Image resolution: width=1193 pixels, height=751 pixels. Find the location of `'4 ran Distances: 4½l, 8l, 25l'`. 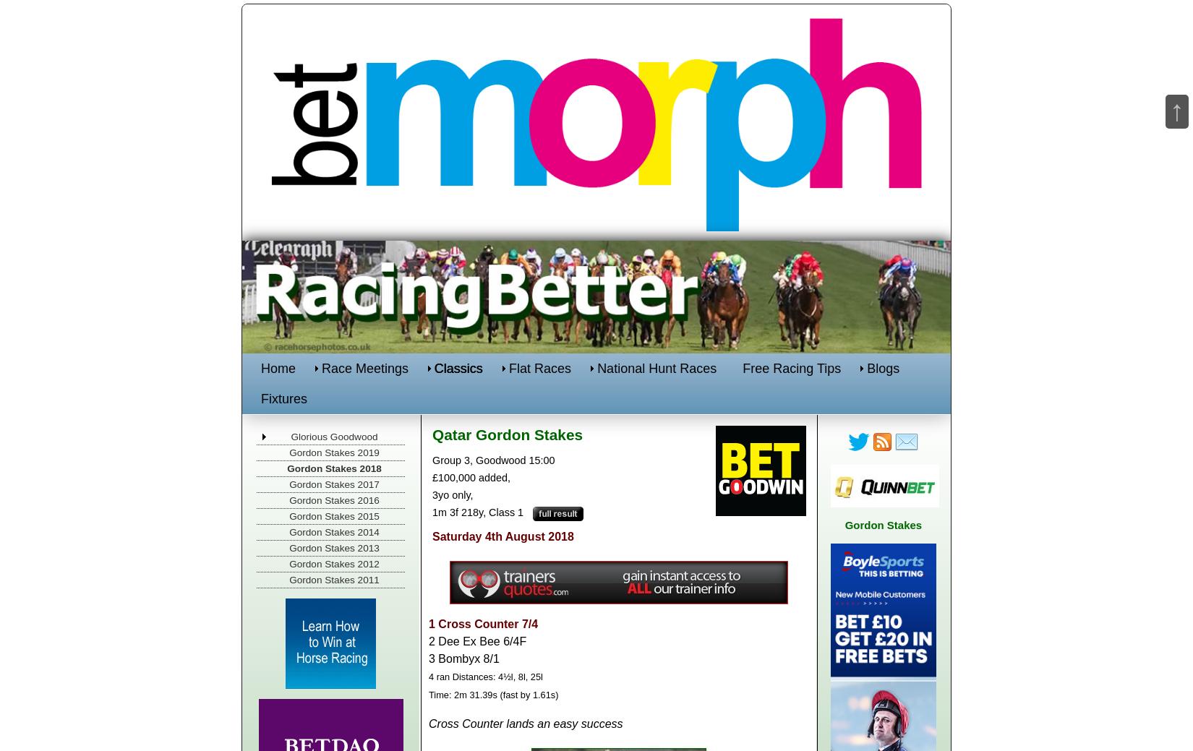

'4 ran Distances: 4½l, 8l, 25l' is located at coordinates (484, 677).